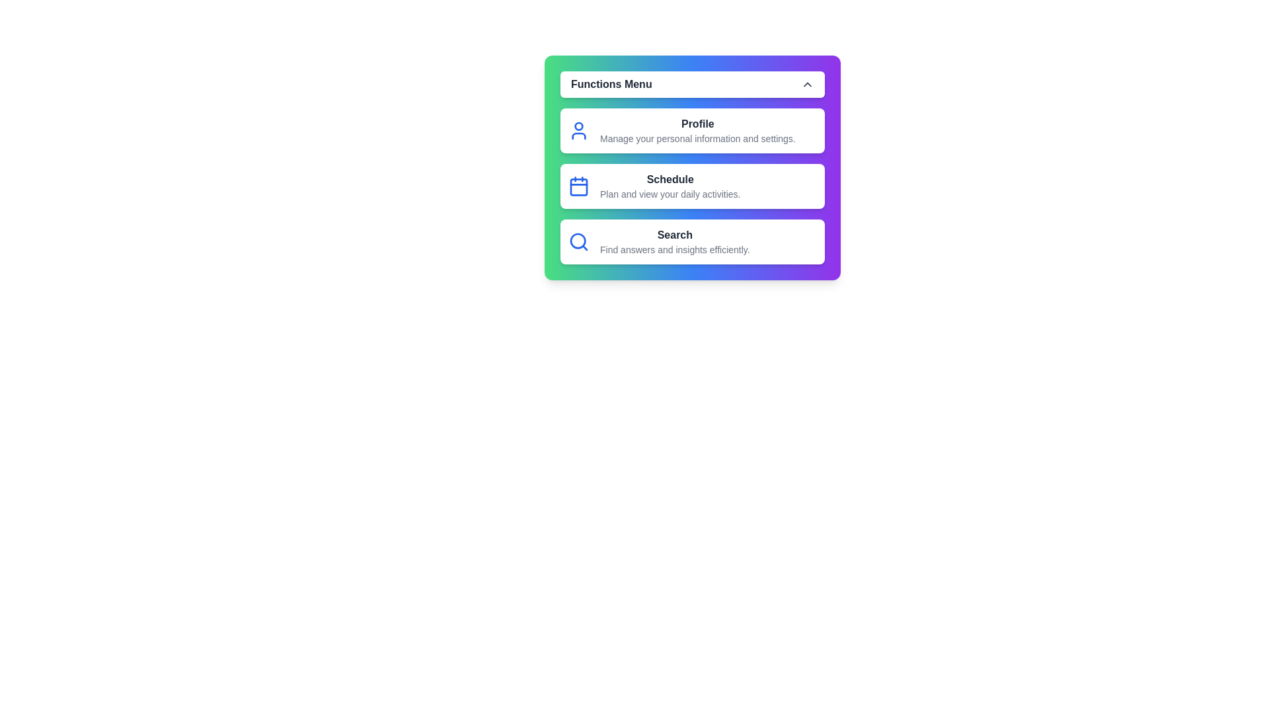 This screenshot has height=714, width=1269. I want to click on the menu item Schedule to see its hover effect, so click(691, 186).